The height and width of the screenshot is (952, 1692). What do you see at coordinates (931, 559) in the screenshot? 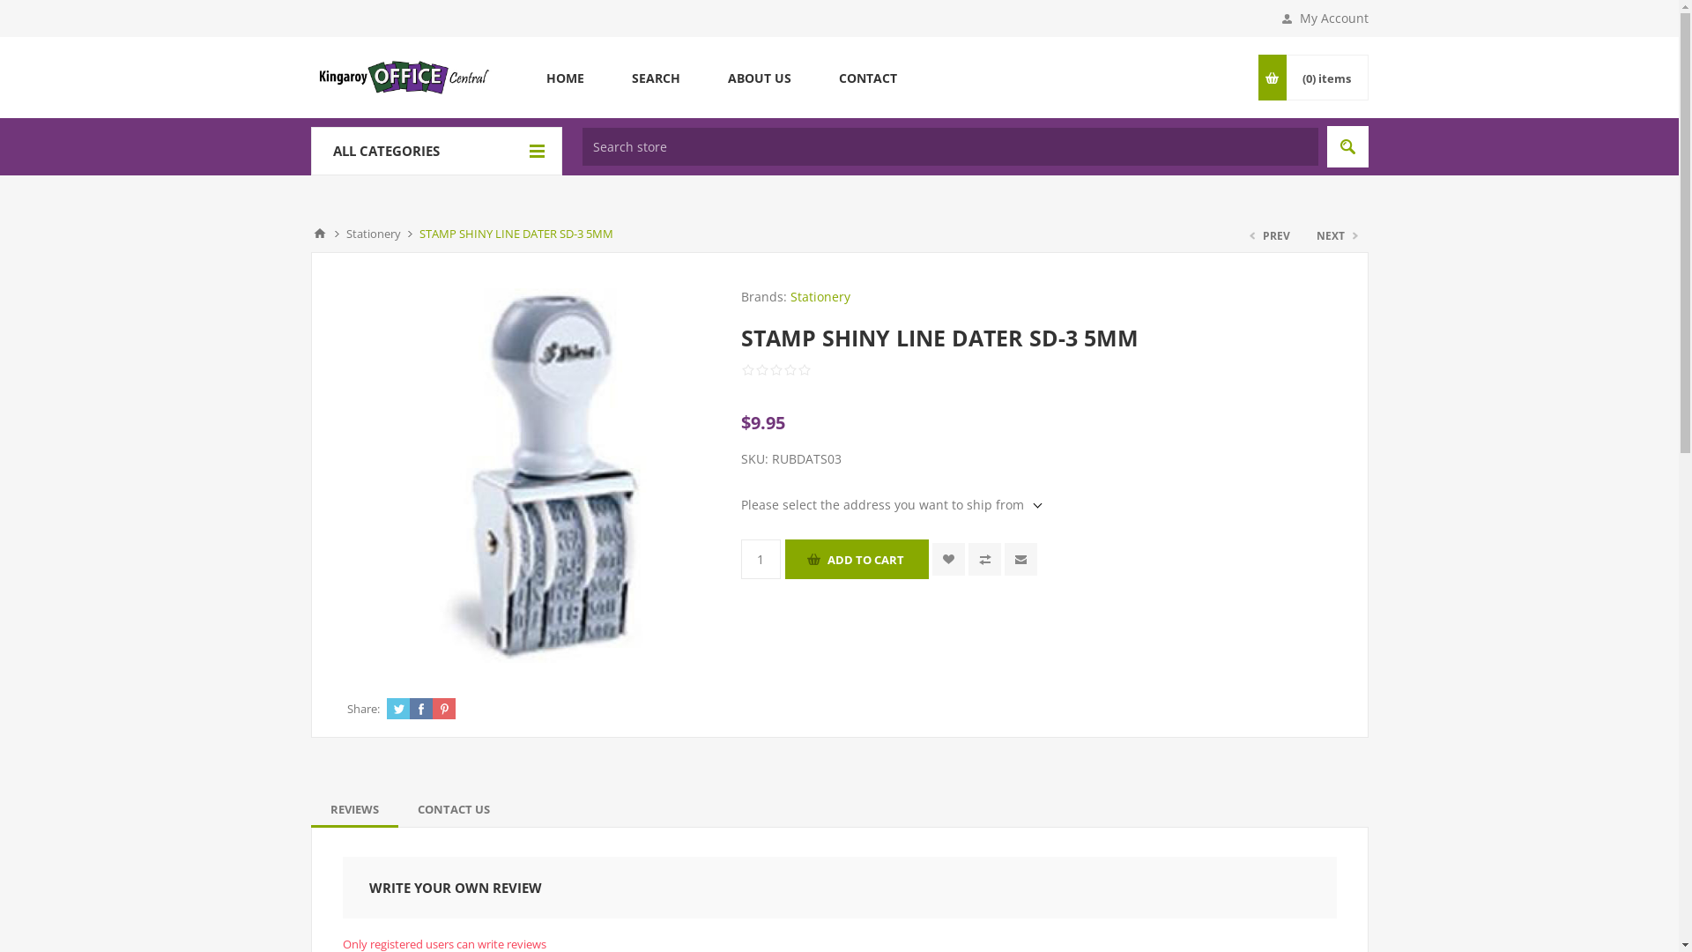
I see `'Add to wishlist'` at bounding box center [931, 559].